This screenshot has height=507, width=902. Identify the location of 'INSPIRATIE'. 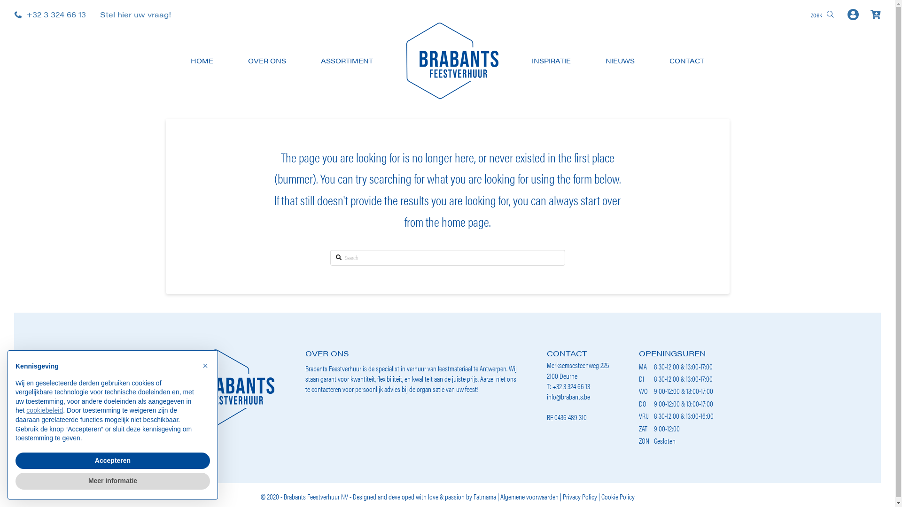
(551, 60).